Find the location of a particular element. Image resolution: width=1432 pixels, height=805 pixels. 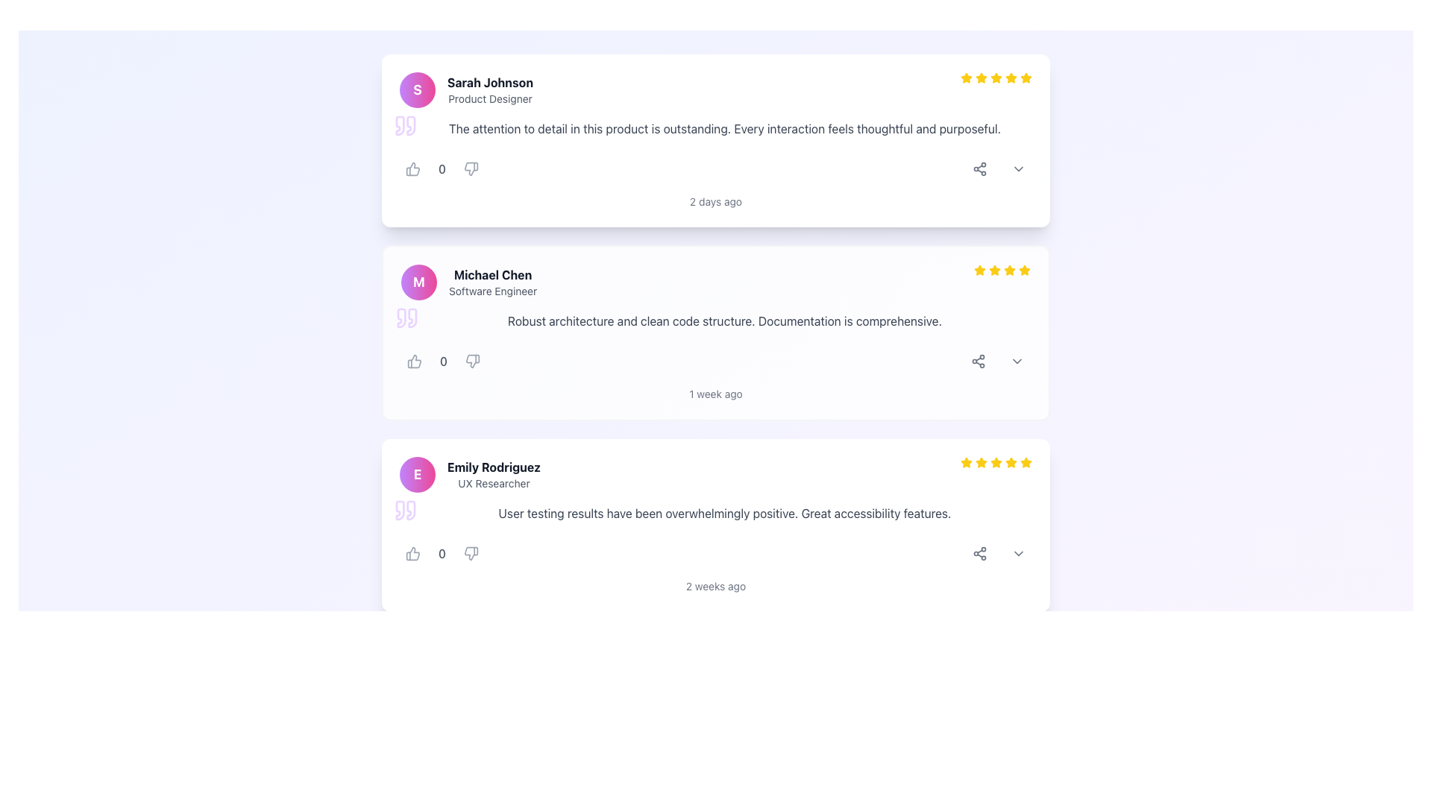

the circular thumbs-up button located to the left of the numerical counter to like the content is located at coordinates (412, 168).